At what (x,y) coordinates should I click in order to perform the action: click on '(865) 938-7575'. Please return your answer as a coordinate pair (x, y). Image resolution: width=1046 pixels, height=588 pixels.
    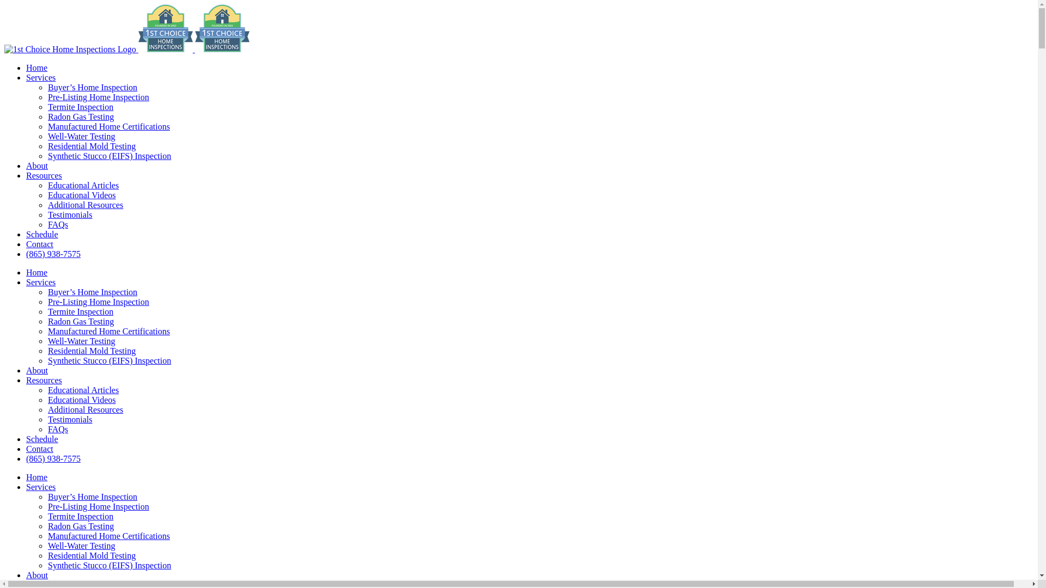
    Looking at the image, I should click on (52, 458).